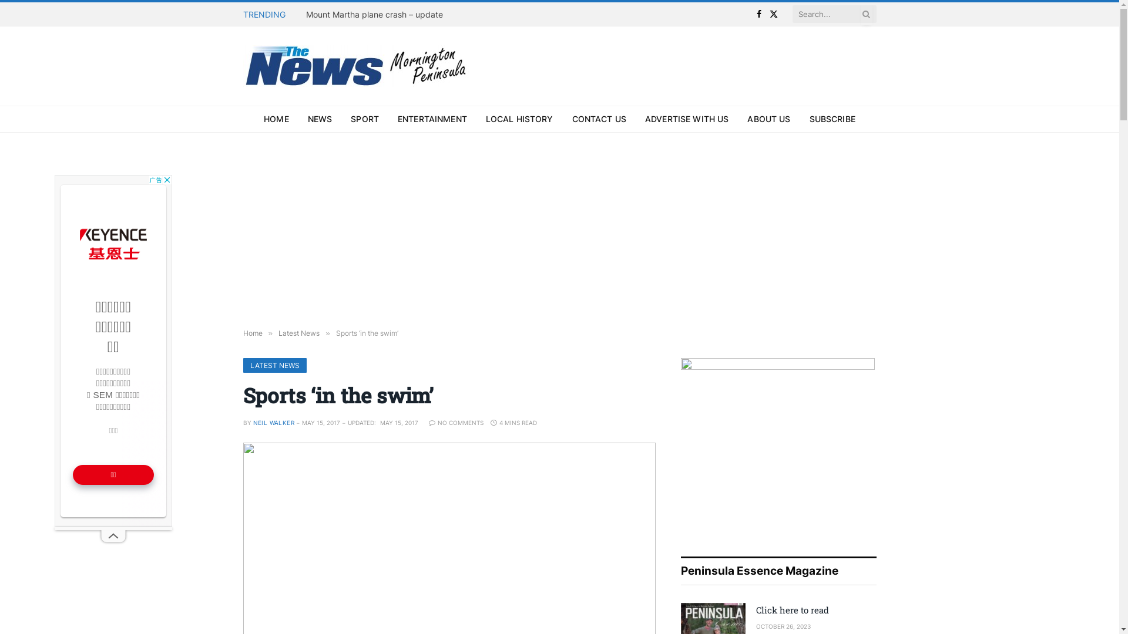 This screenshot has width=1128, height=634. Describe the element at coordinates (242, 365) in the screenshot. I see `'LATEST NEWS'` at that location.